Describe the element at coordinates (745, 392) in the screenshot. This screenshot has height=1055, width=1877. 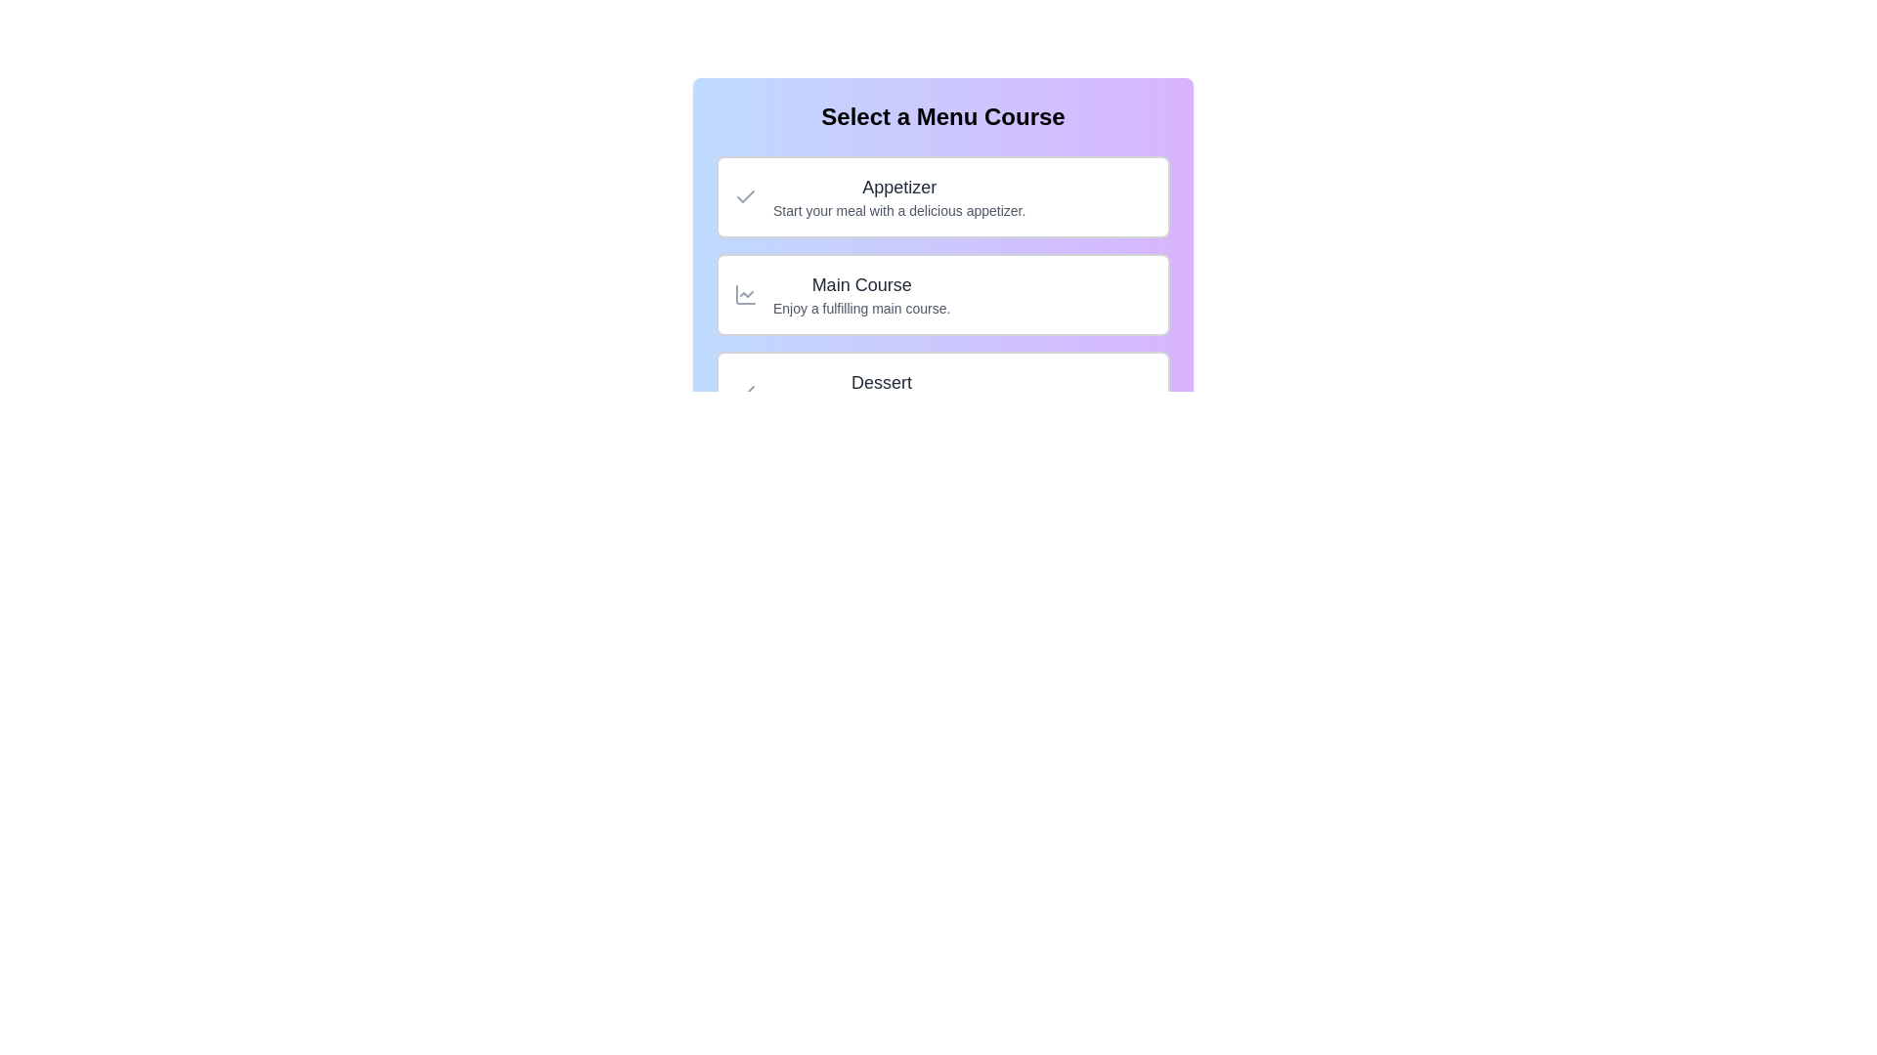
I see `the minimalist checkmark icon located to the left of the text 'Dessert'` at that location.